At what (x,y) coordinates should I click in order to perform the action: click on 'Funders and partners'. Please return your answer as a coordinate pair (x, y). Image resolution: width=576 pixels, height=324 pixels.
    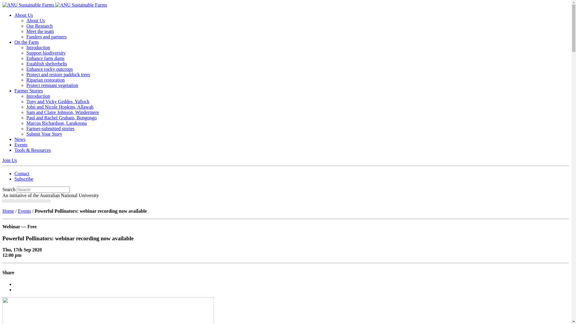
    Looking at the image, I should click on (46, 37).